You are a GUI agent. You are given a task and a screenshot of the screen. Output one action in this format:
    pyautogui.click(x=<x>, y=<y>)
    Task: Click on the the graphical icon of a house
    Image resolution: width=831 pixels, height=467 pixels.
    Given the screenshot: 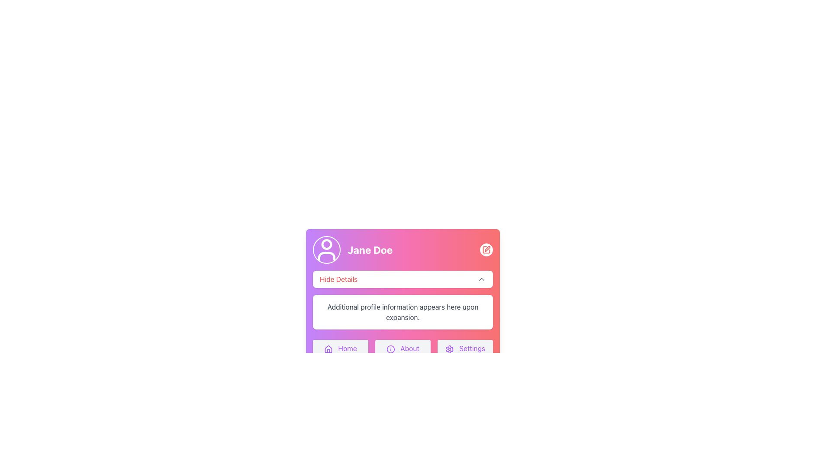 What is the action you would take?
    pyautogui.click(x=328, y=349)
    